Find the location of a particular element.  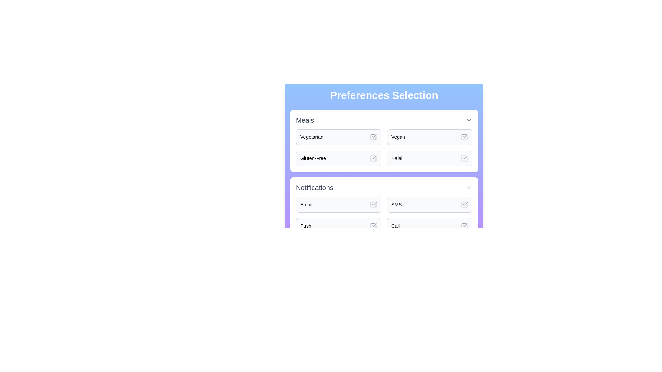

the Checkbox indicator located to the right of the 'Vegan' text label in the 'Meals' section of the interface is located at coordinates (464, 137).